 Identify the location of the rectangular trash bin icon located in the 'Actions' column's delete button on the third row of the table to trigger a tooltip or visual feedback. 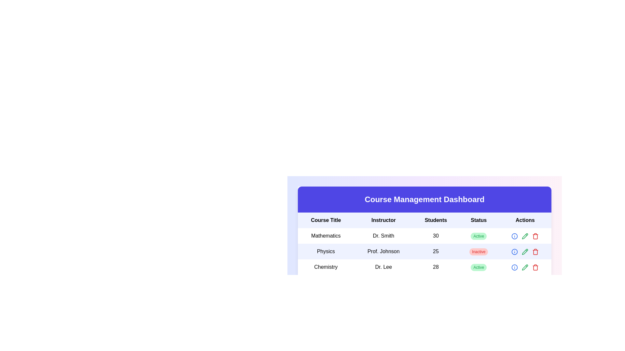
(535, 237).